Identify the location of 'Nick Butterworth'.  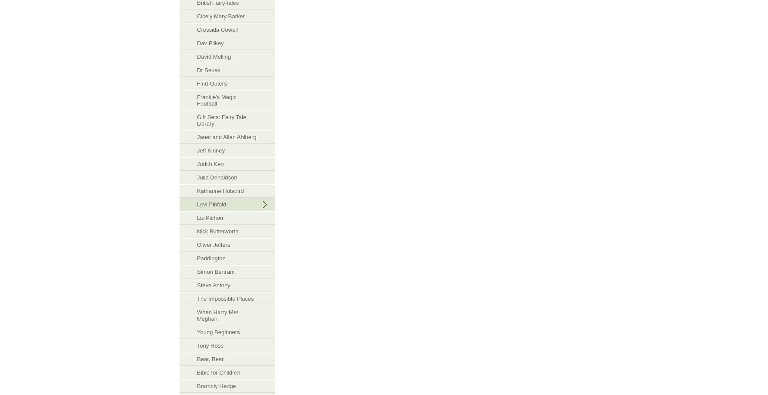
(197, 231).